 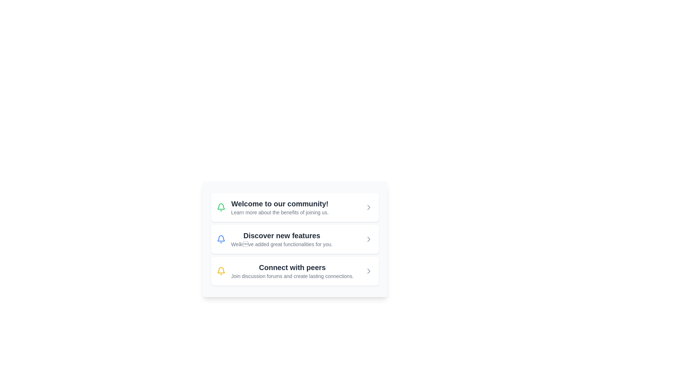 What do you see at coordinates (220, 270) in the screenshot?
I see `the center of the graphical element representing the bottom part of the bell icon in the 'Discover new features' menu option` at bounding box center [220, 270].